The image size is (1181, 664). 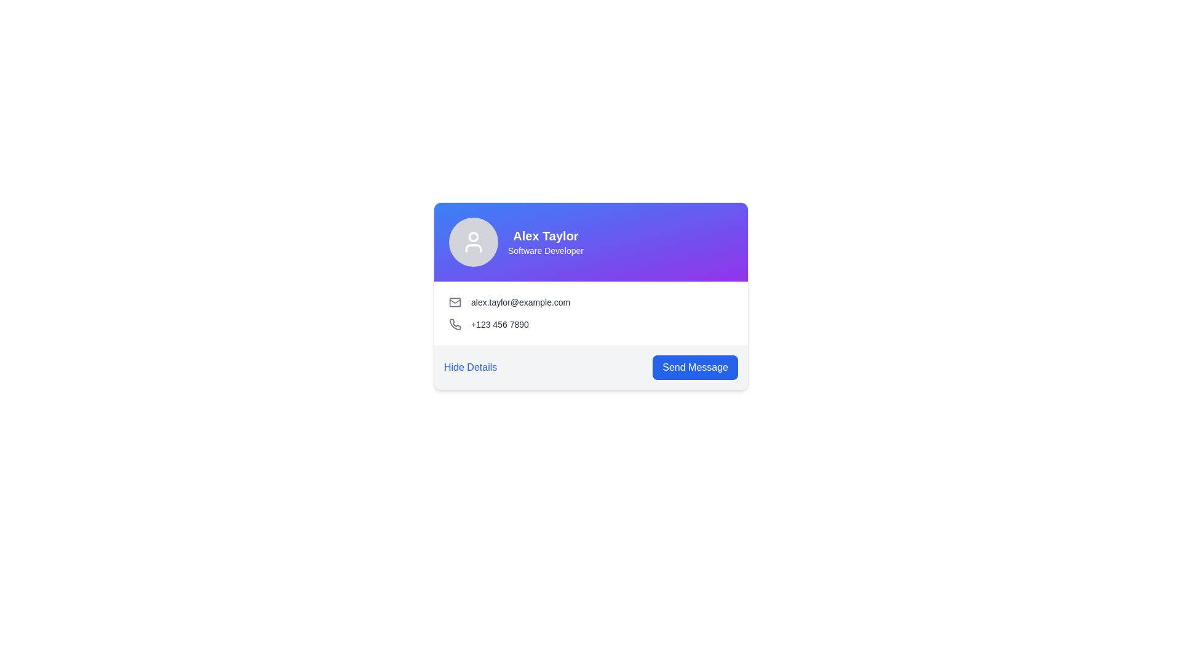 I want to click on text label that displays 'Software Developer', which is located directly below the larger text 'Alex Taylor' within the card component, so click(x=545, y=250).